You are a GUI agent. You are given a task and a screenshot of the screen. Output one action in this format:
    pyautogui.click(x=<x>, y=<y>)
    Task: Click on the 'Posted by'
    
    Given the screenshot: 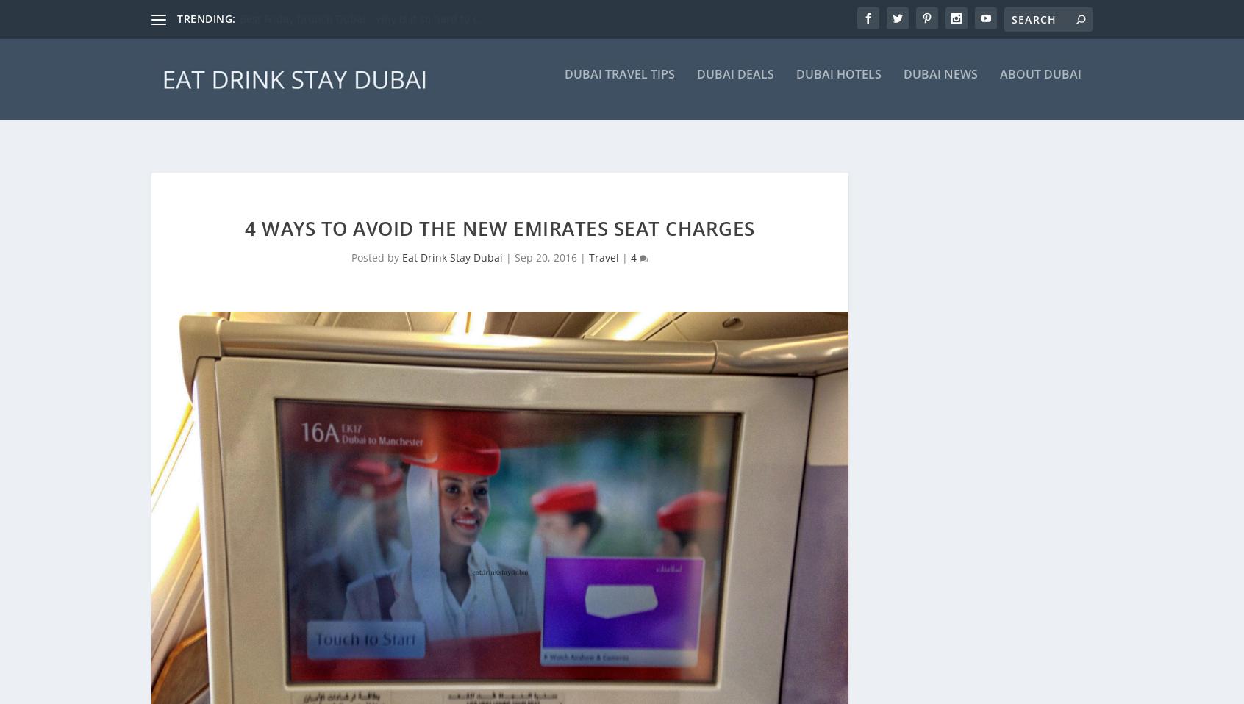 What is the action you would take?
    pyautogui.click(x=376, y=233)
    